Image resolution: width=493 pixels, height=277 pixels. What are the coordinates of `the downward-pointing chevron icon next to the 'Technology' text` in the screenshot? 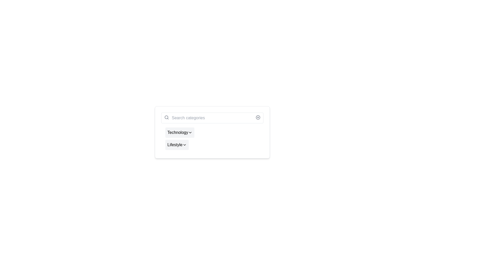 It's located at (190, 132).